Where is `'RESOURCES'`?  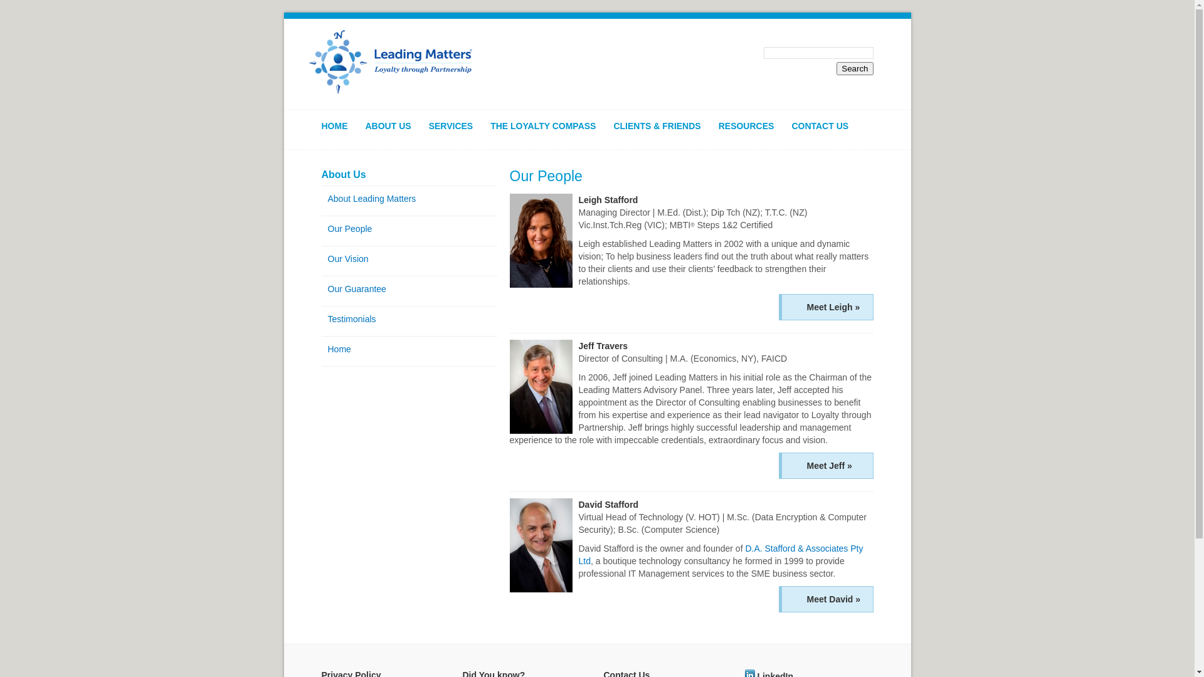
'RESOURCES' is located at coordinates (752, 132).